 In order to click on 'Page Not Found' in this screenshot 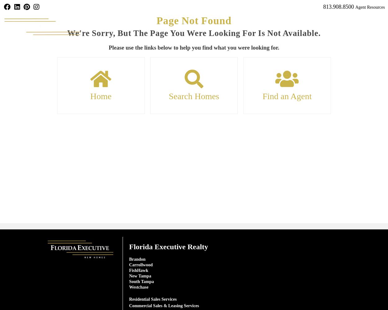, I will do `click(193, 20)`.